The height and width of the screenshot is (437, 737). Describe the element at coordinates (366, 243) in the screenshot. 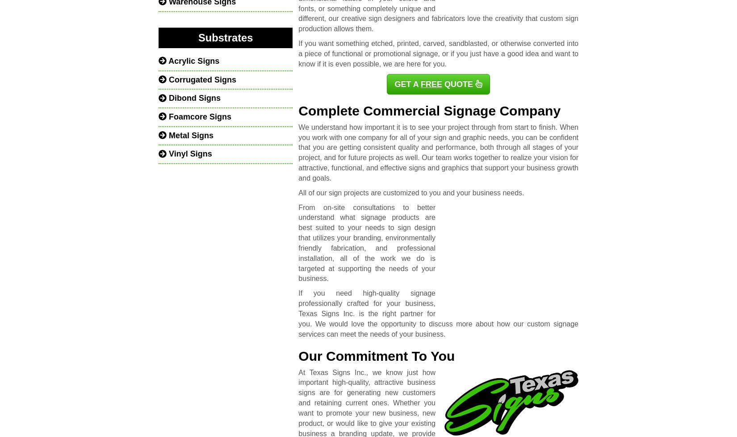

I see `'From on-site consultations to better understand what signage products are best suited to your needs to sign design that utilizes your branding, environmentally friendly fabrication, and professional installation, all of the work we do is targeted at supporting the needs of your business.'` at that location.